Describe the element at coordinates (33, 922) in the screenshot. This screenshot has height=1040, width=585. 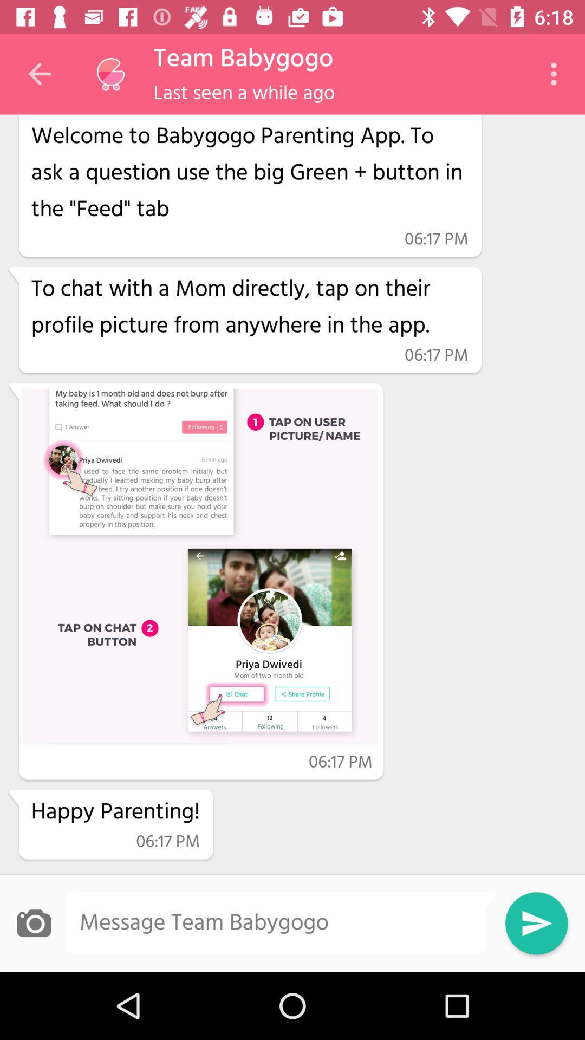
I see `insert or take photo` at that location.